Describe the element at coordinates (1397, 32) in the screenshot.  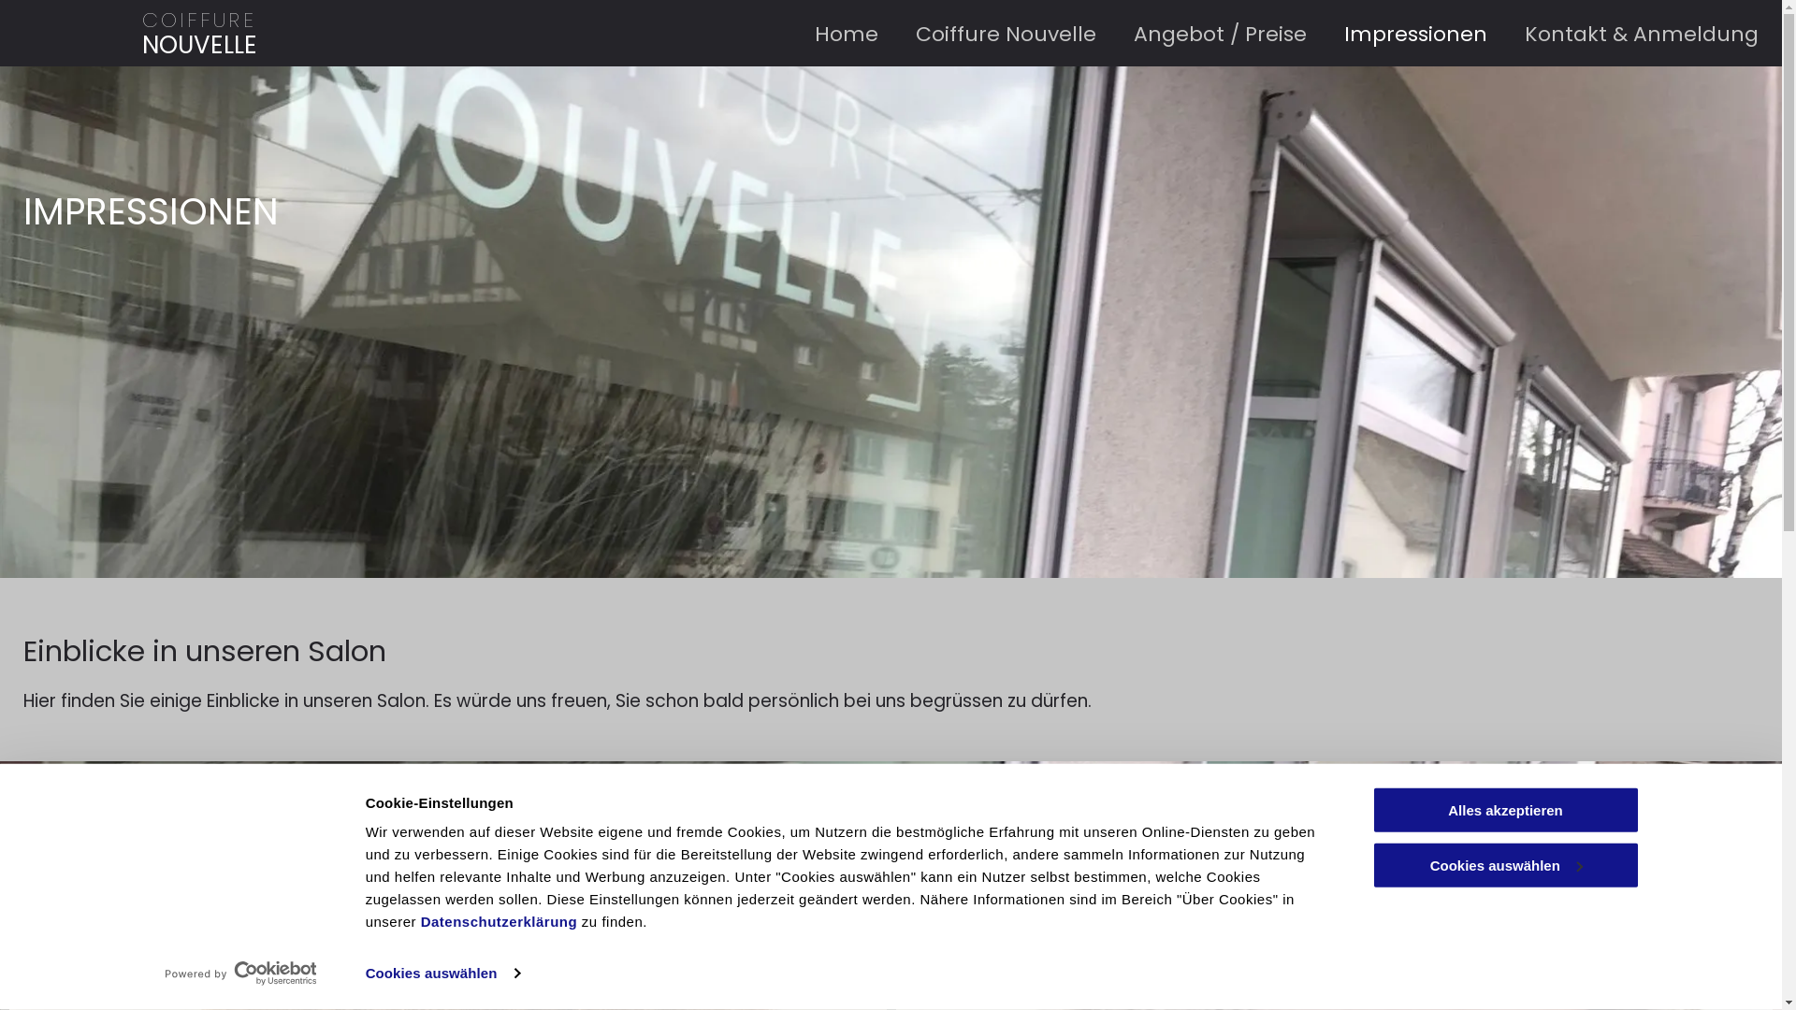
I see `'Impressionen'` at that location.